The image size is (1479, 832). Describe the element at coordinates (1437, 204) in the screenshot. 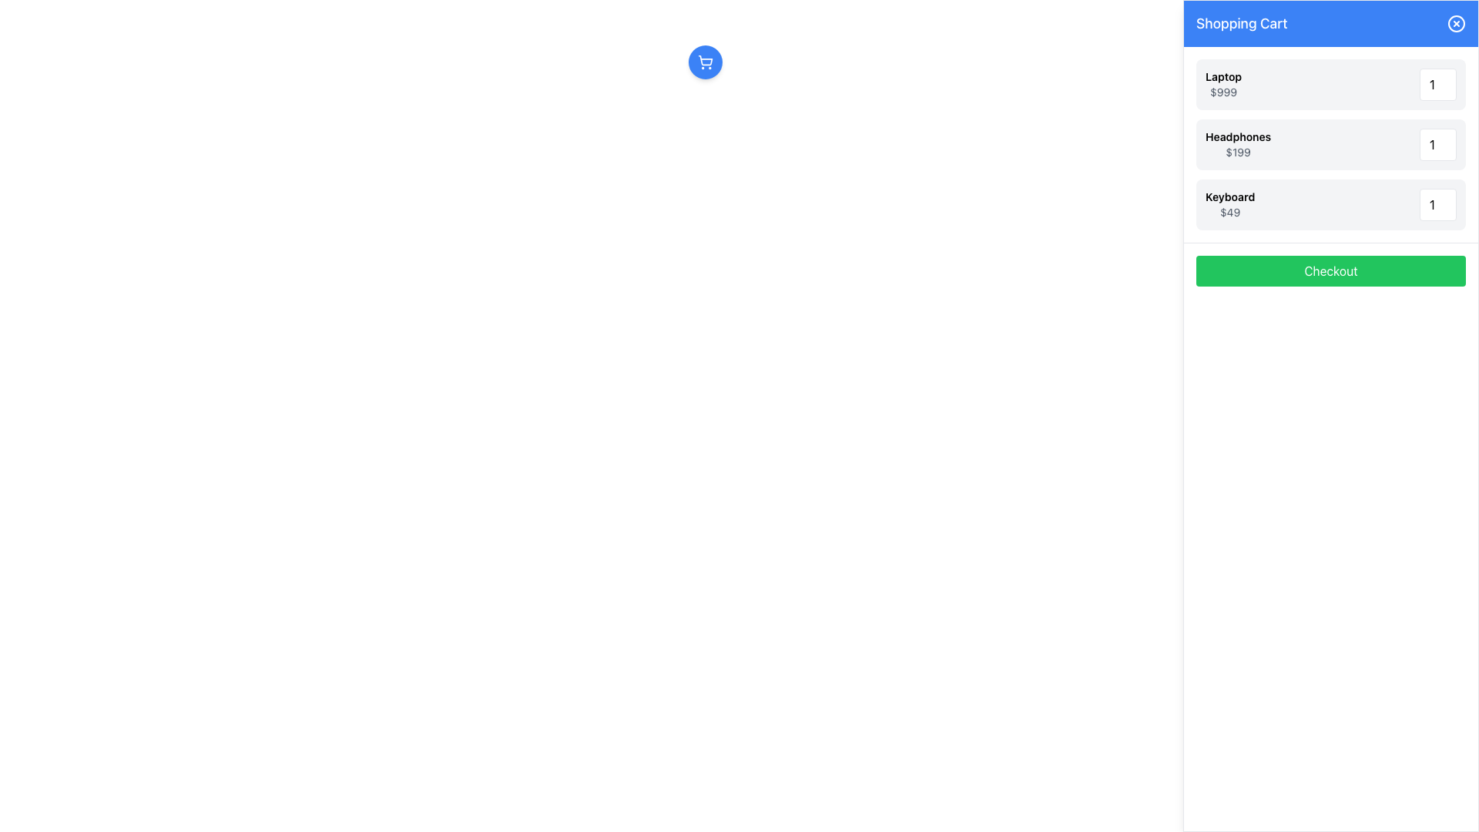

I see `the arrow keys` at that location.